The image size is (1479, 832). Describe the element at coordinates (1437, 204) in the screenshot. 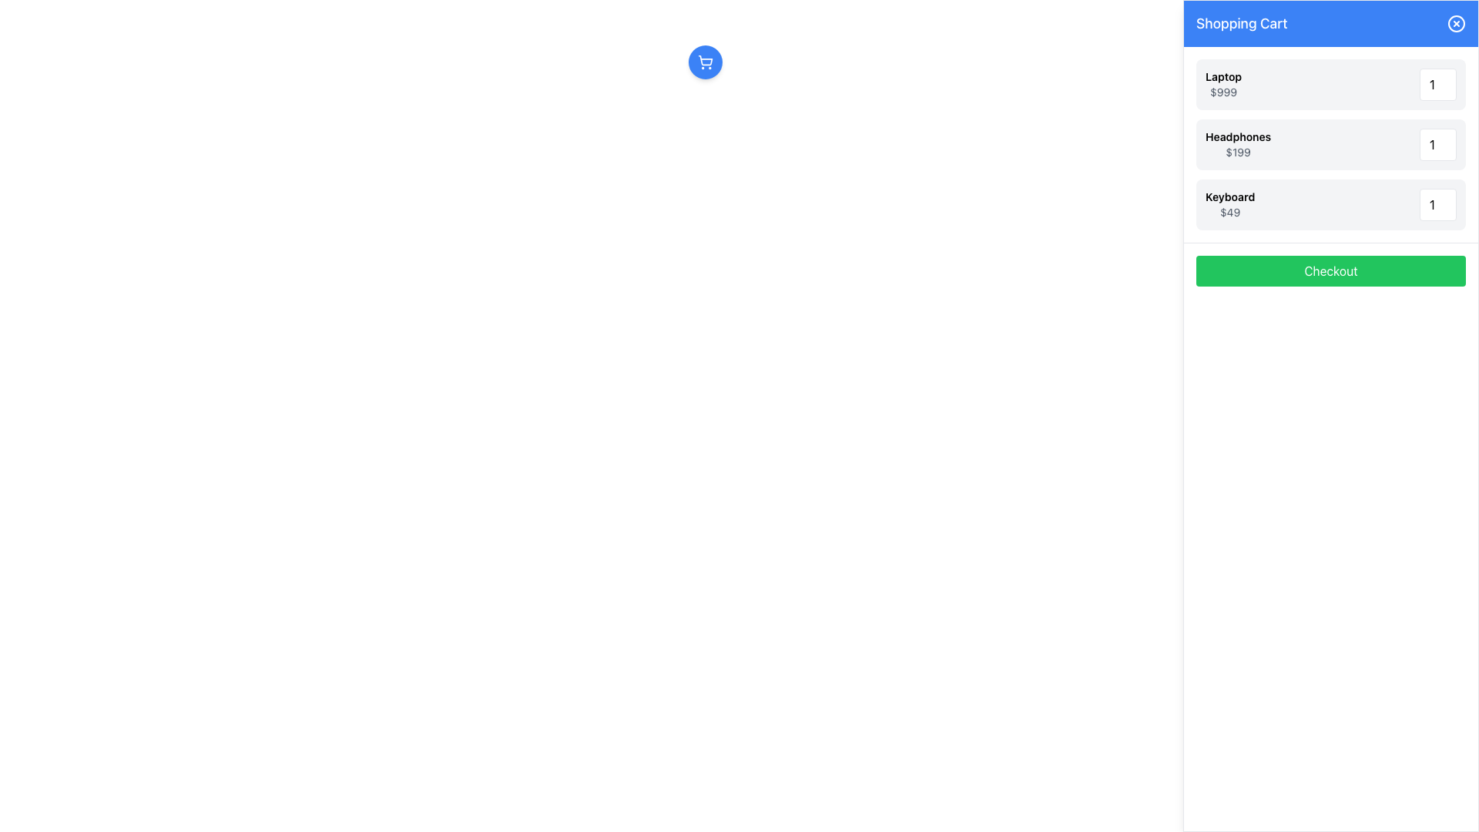

I see `the arrow keys` at that location.